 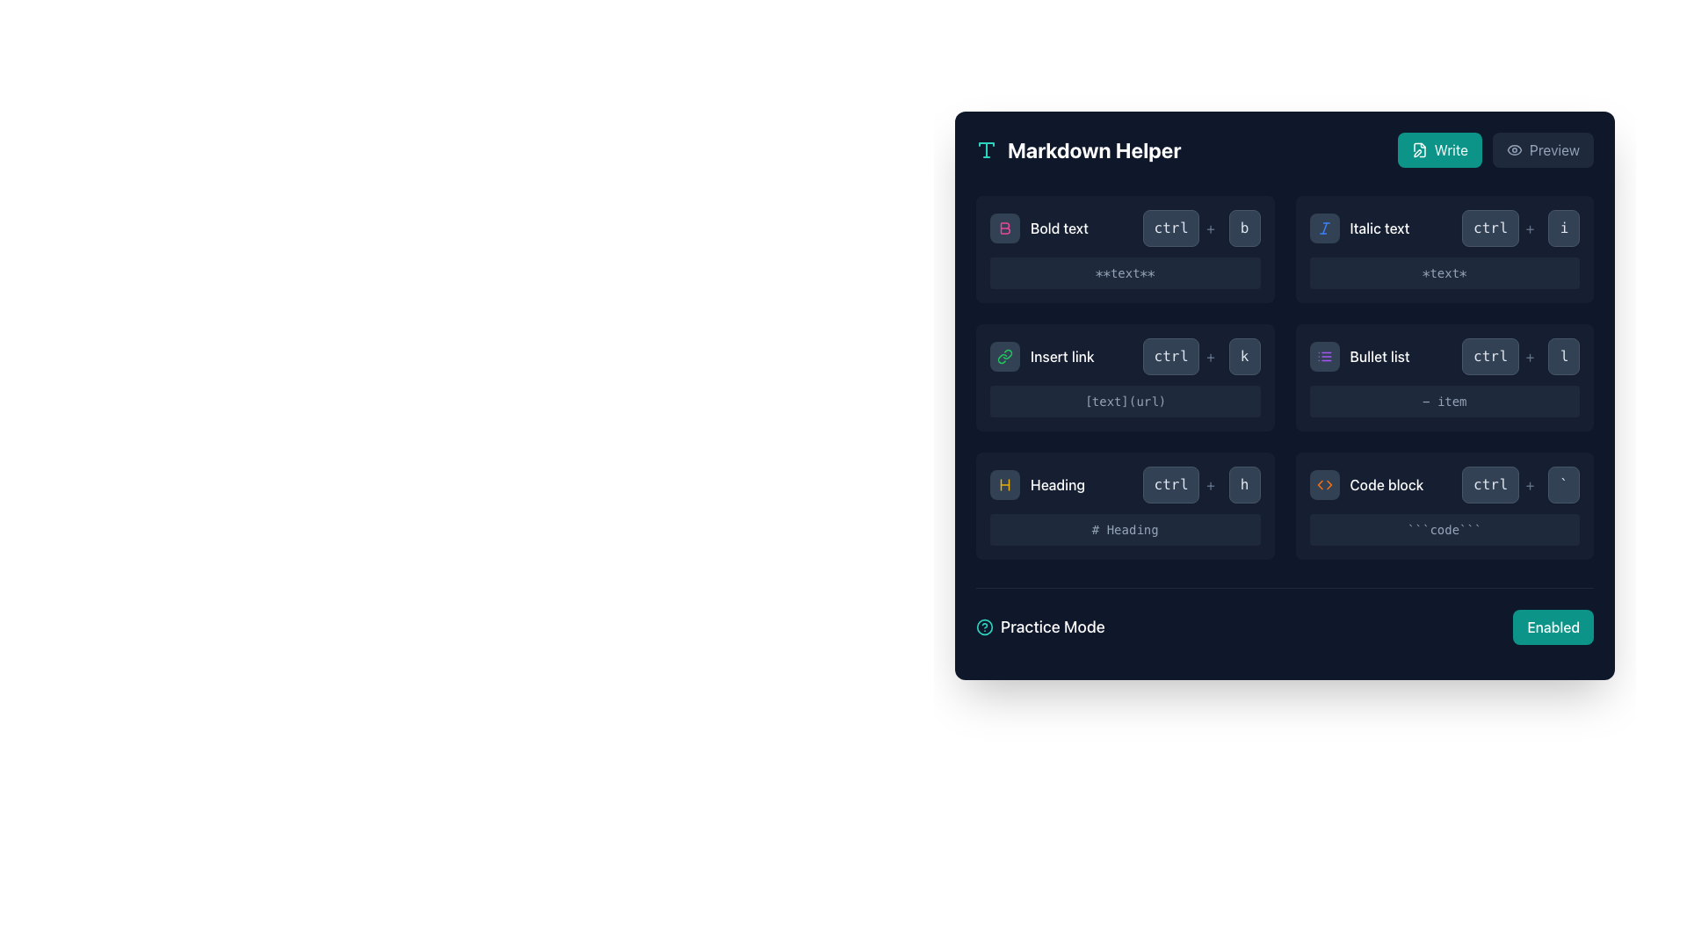 What do you see at coordinates (1513, 149) in the screenshot?
I see `the icon located on the left side of the 'Preview' button` at bounding box center [1513, 149].